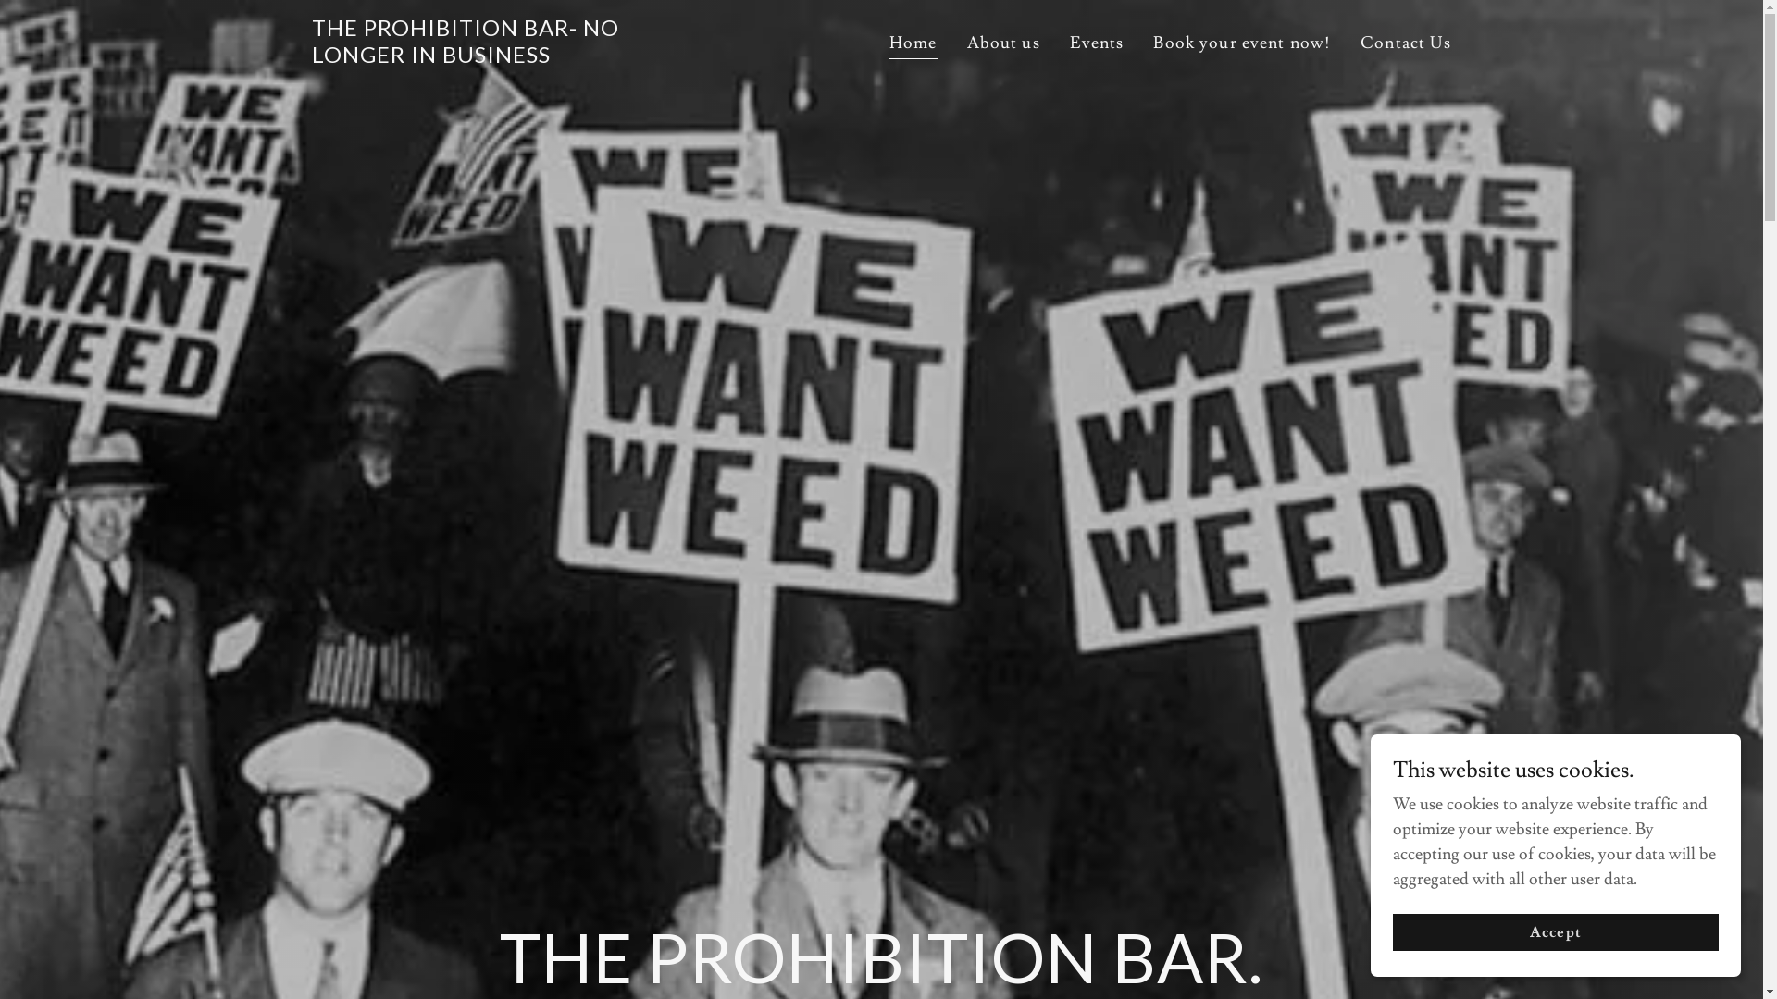 This screenshot has height=999, width=1777. What do you see at coordinates (510, 56) in the screenshot?
I see `'THE PROHIBITION BAR- NO LONGER IN BUSINESS'` at bounding box center [510, 56].